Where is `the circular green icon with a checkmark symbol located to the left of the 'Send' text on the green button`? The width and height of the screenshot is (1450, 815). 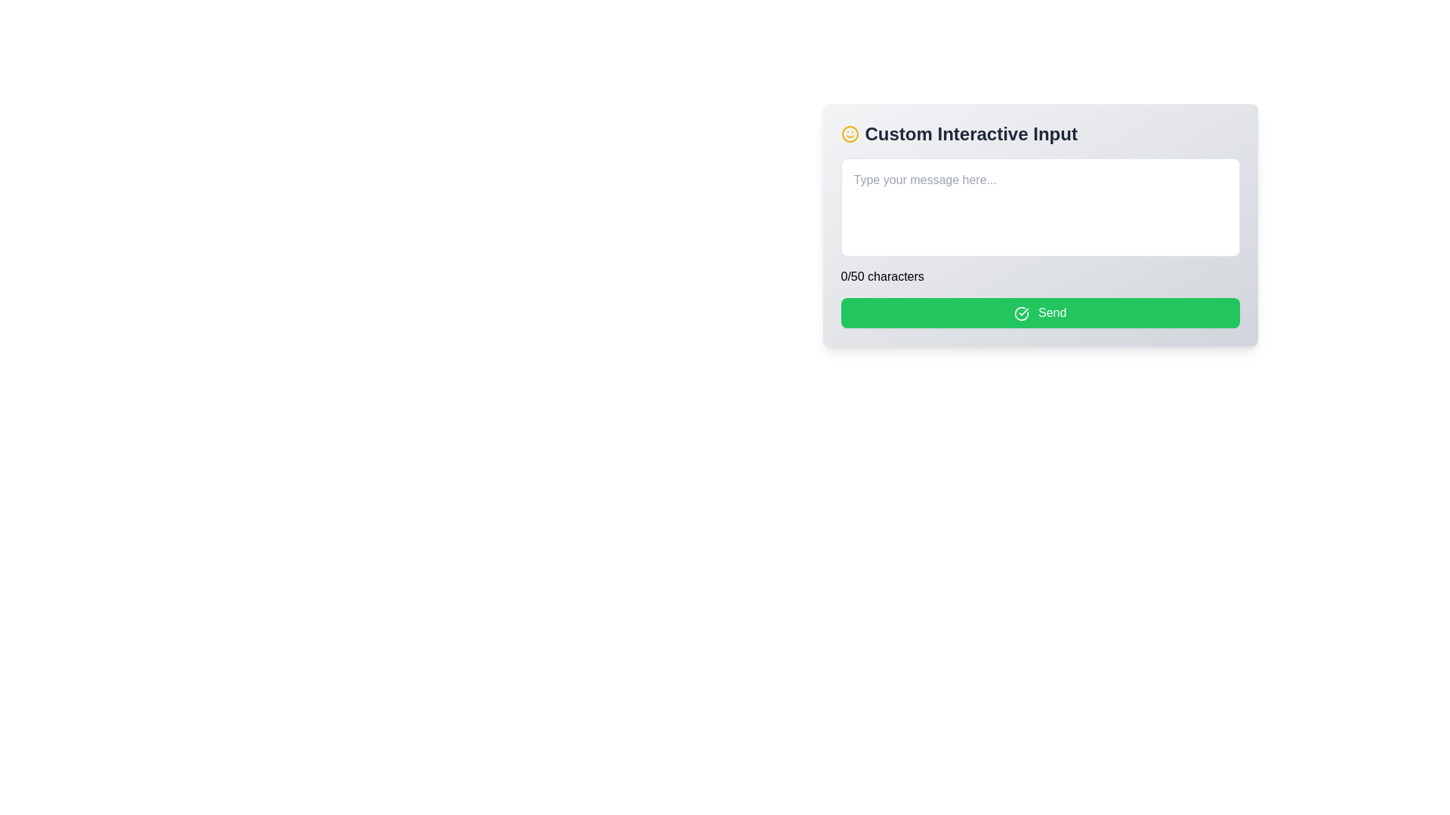
the circular green icon with a checkmark symbol located to the left of the 'Send' text on the green button is located at coordinates (1021, 312).